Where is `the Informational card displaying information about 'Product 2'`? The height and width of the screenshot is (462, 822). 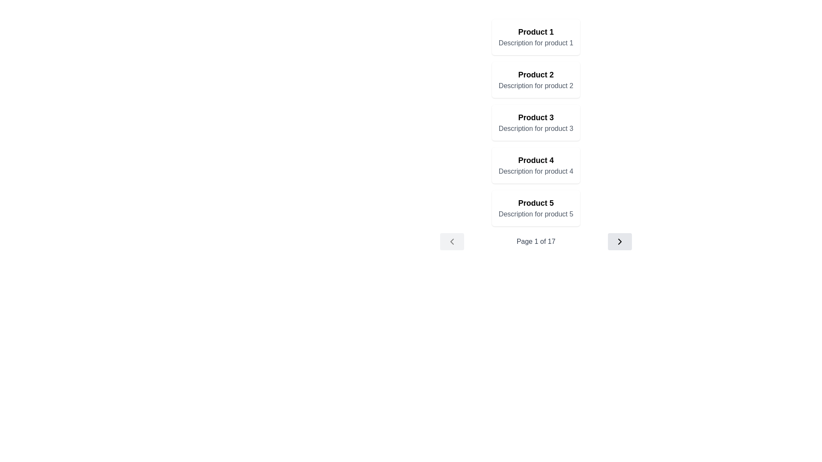
the Informational card displaying information about 'Product 2' is located at coordinates (536, 80).